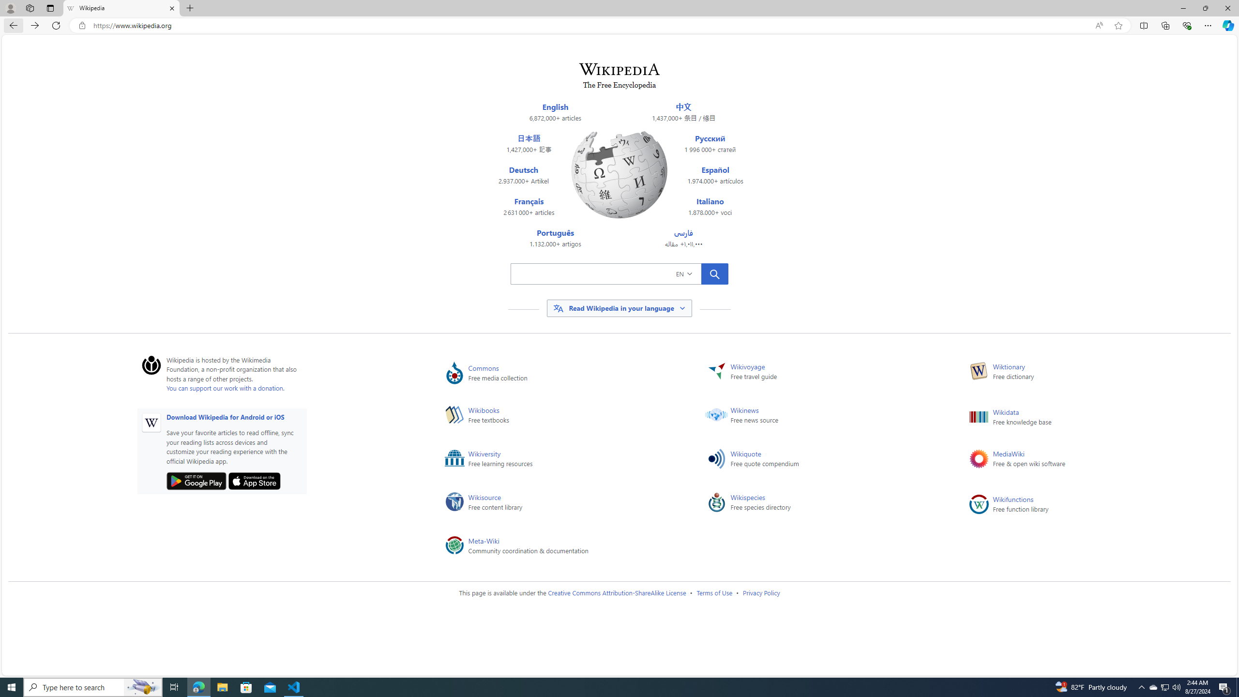 This screenshot has height=697, width=1239. Describe the element at coordinates (761, 592) in the screenshot. I see `'Privacy Policy'` at that location.